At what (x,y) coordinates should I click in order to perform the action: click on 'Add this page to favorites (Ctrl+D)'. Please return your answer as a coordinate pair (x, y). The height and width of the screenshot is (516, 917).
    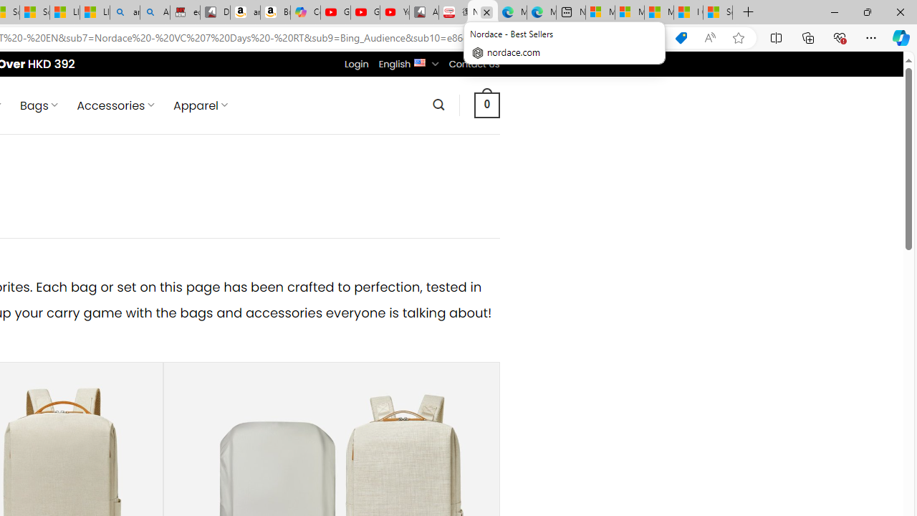
    Looking at the image, I should click on (739, 37).